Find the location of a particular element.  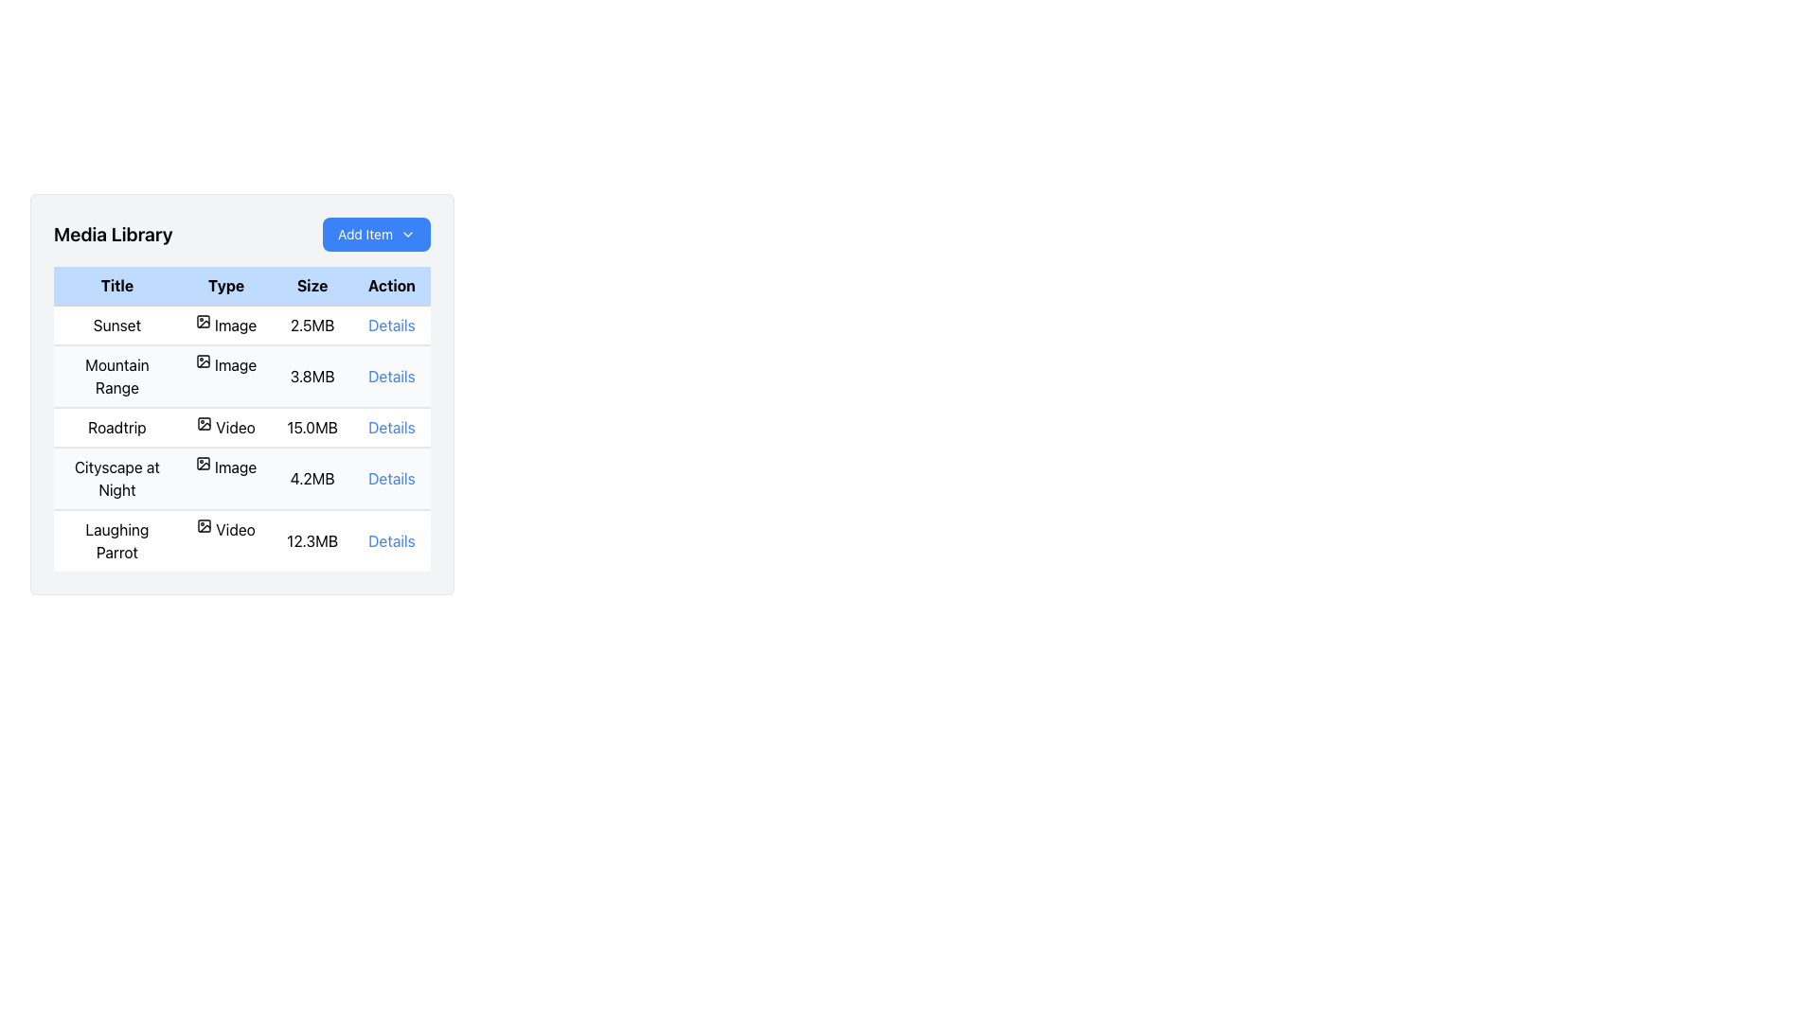

the 'Details' hyperlink styled with blue text and an underline, located in the Action column of the table corresponding to the 'Sunset' entry is located at coordinates (390, 324).